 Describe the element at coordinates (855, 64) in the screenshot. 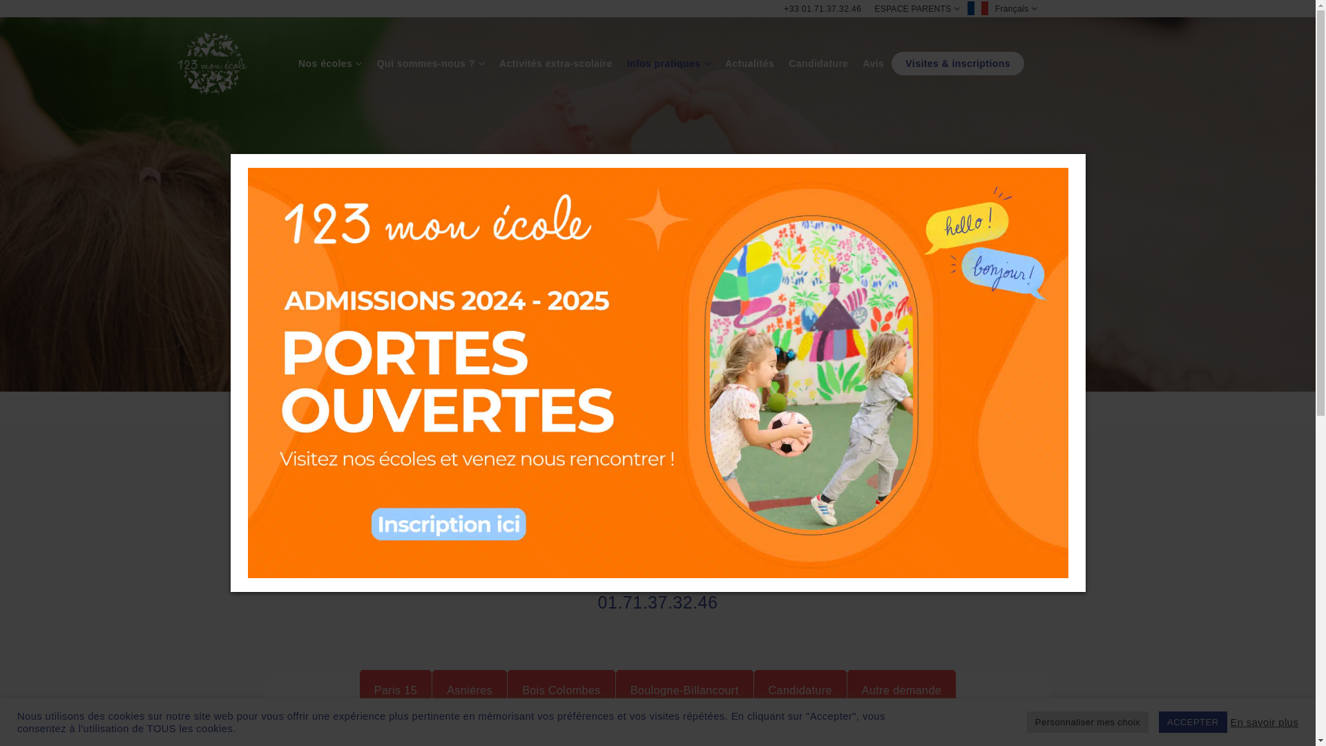

I see `'Avis'` at that location.